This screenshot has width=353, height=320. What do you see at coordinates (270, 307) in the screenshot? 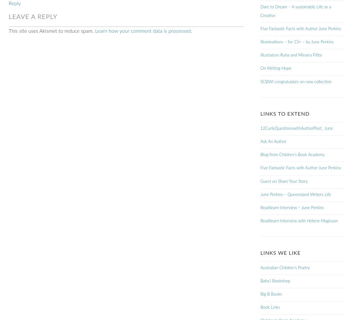
I see `'Book Links'` at bounding box center [270, 307].